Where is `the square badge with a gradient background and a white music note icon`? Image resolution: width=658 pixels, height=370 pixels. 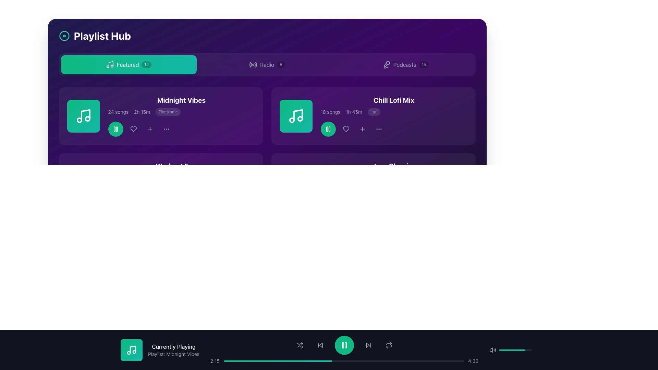
the square badge with a gradient background and a white music note icon is located at coordinates (83, 116).